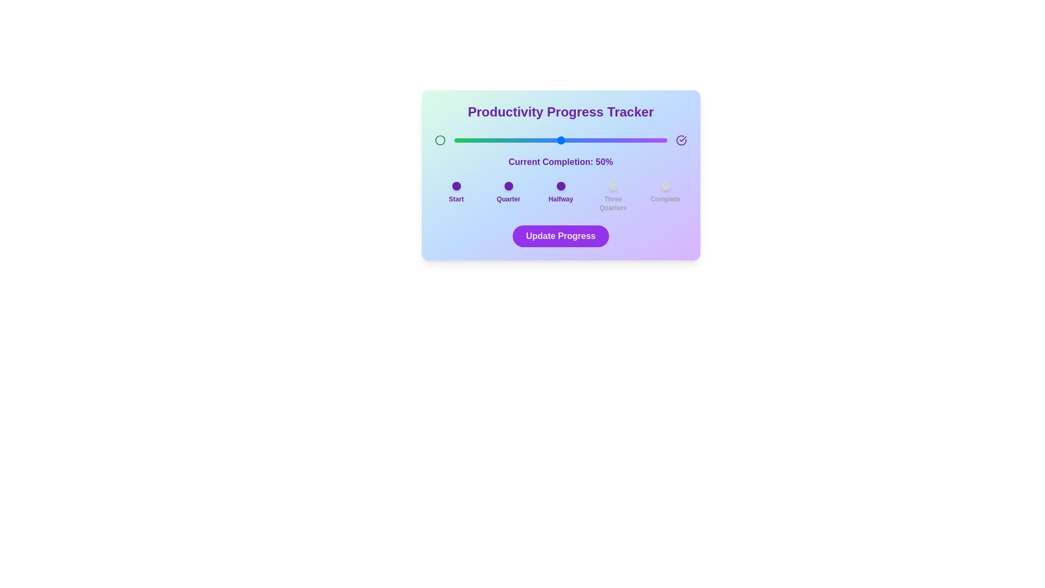 Image resolution: width=1045 pixels, height=588 pixels. Describe the element at coordinates (573, 140) in the screenshot. I see `the slider to set the completion percentage to 56` at that location.